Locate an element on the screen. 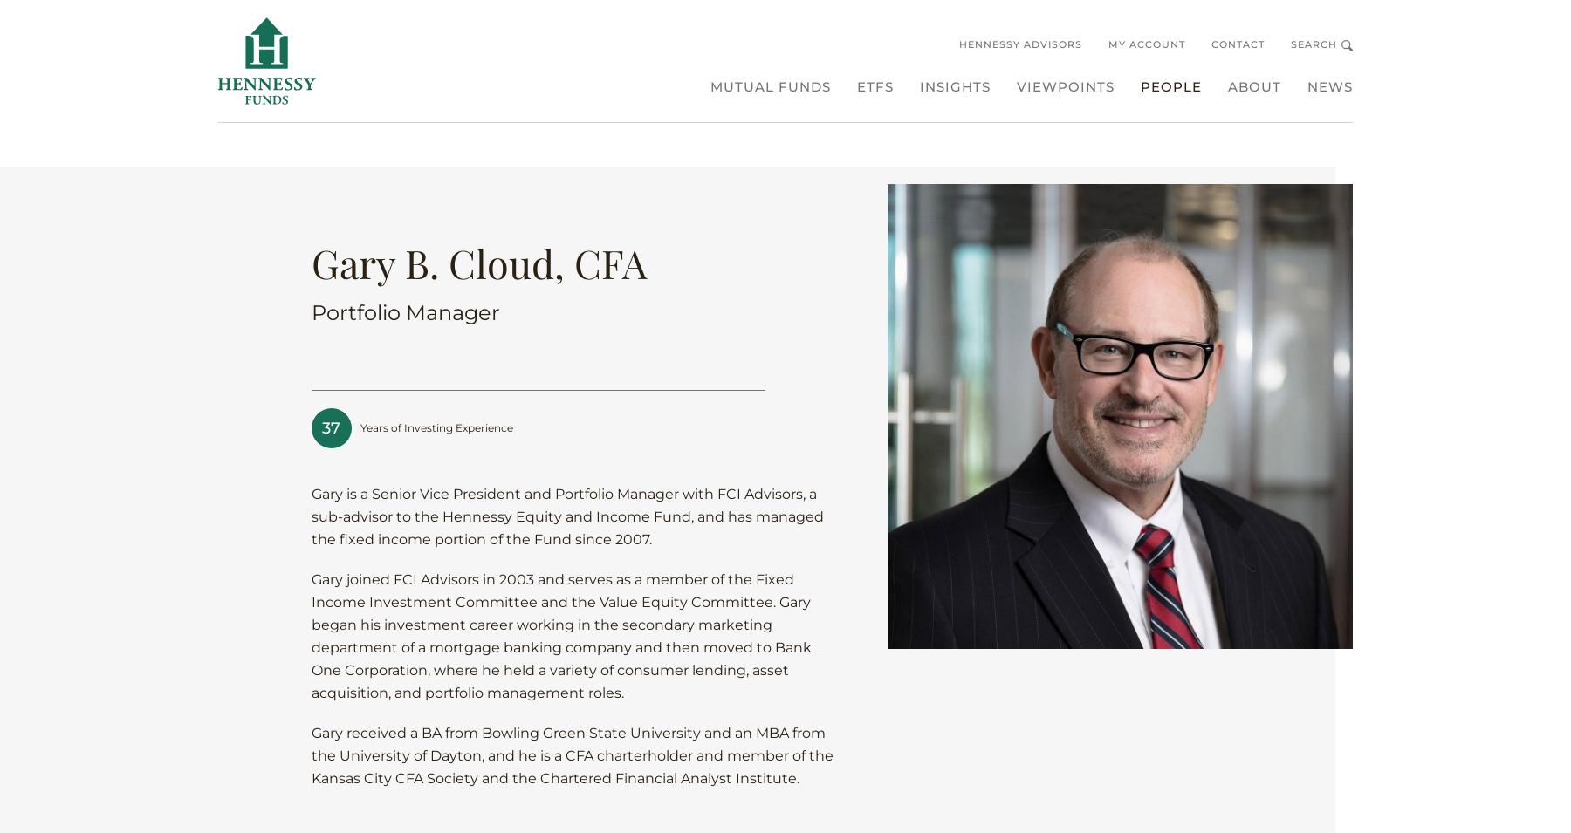 The height and width of the screenshot is (833, 1571). 'Contact' is located at coordinates (1237, 43).